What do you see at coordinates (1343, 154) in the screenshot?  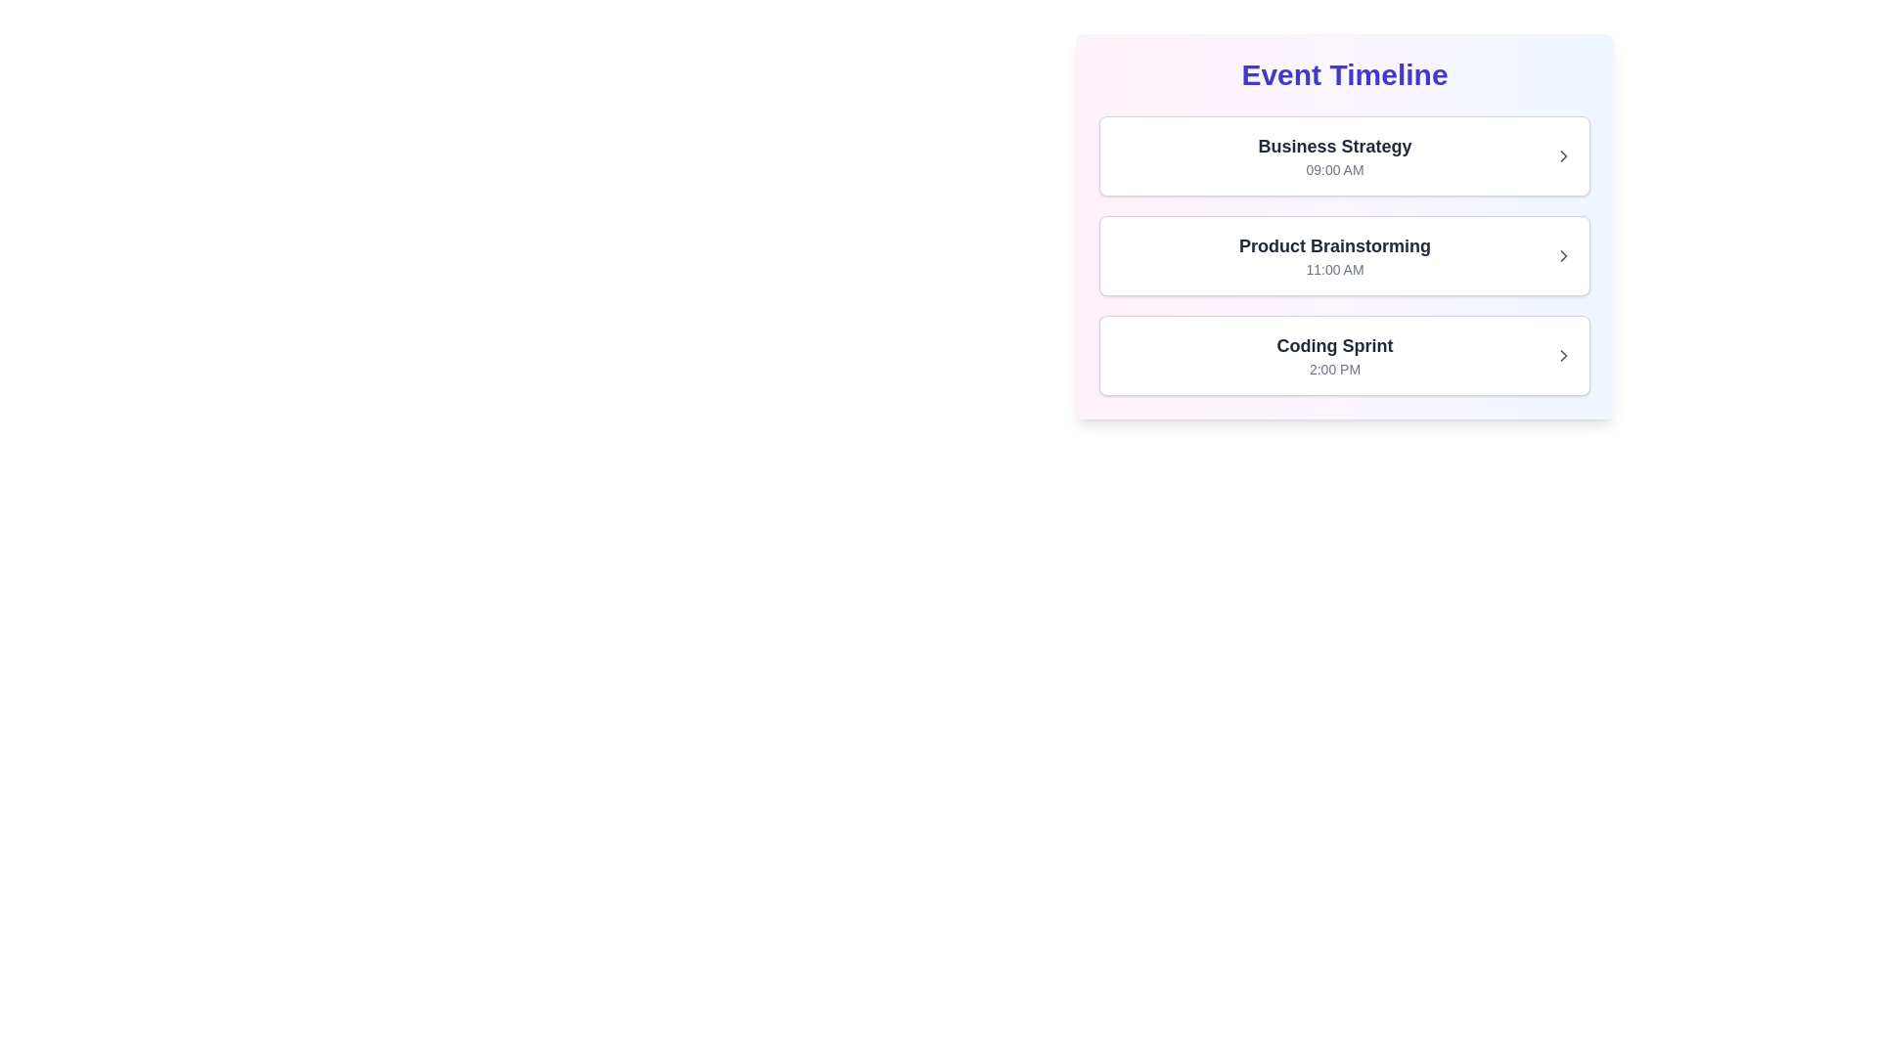 I see `the first list item in the 'Event Timeline' section` at bounding box center [1343, 154].